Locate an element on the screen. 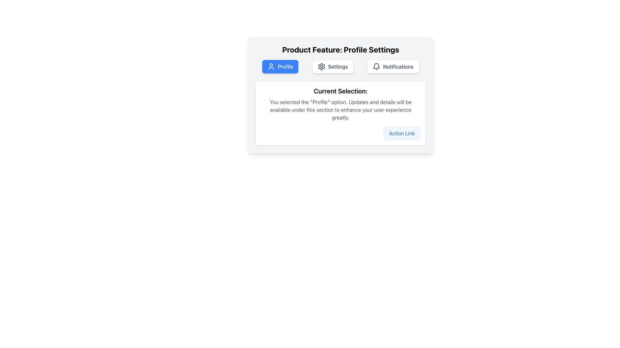  the Button-like link located in the bottom-right corner of the Profile Settings modal is located at coordinates (401, 133).